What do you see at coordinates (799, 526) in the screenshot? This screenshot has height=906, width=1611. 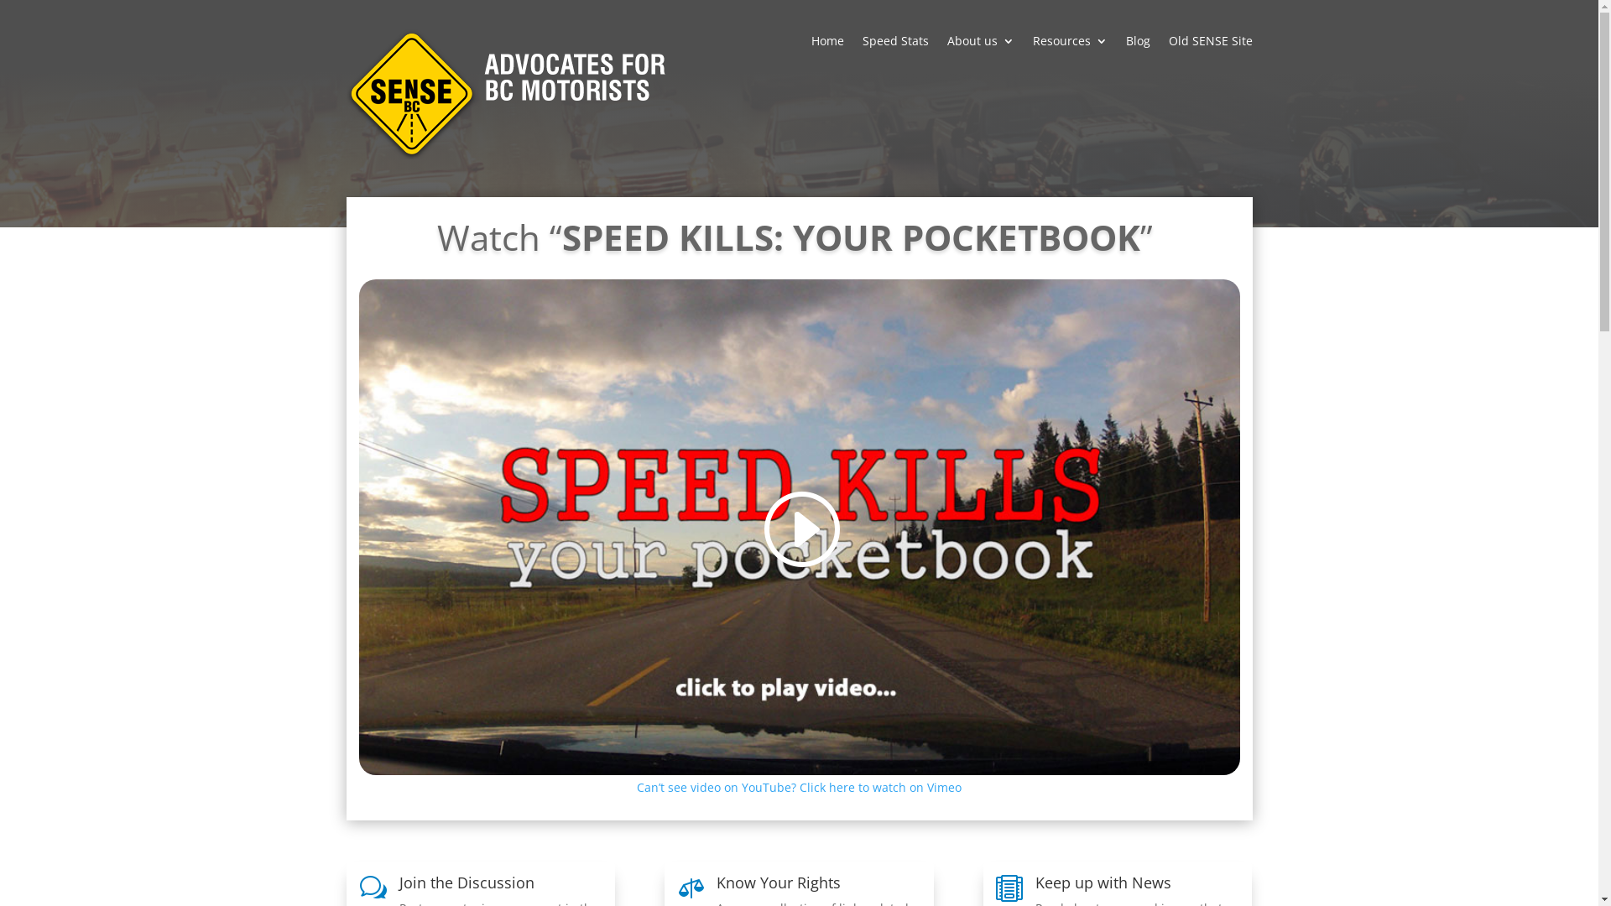 I see `'Speed Kills Your Pocketbook'` at bounding box center [799, 526].